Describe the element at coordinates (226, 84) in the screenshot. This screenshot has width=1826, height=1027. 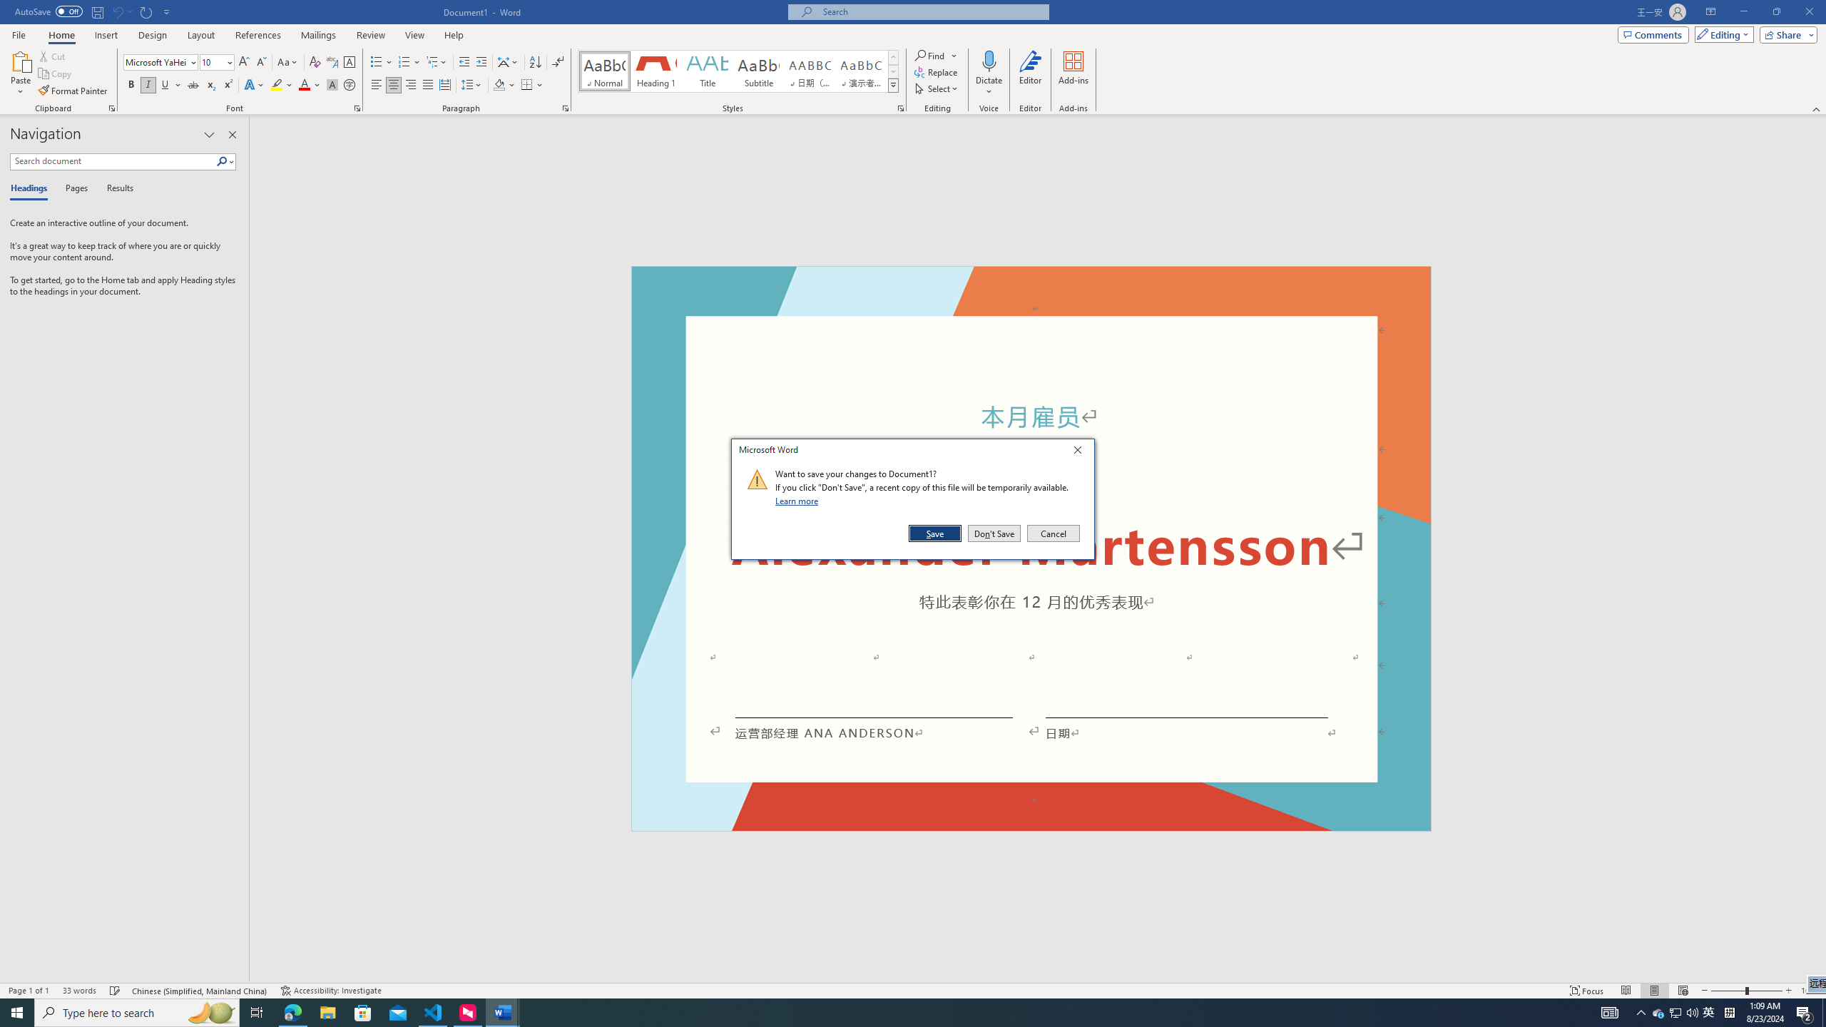
I see `'Superscript'` at that location.